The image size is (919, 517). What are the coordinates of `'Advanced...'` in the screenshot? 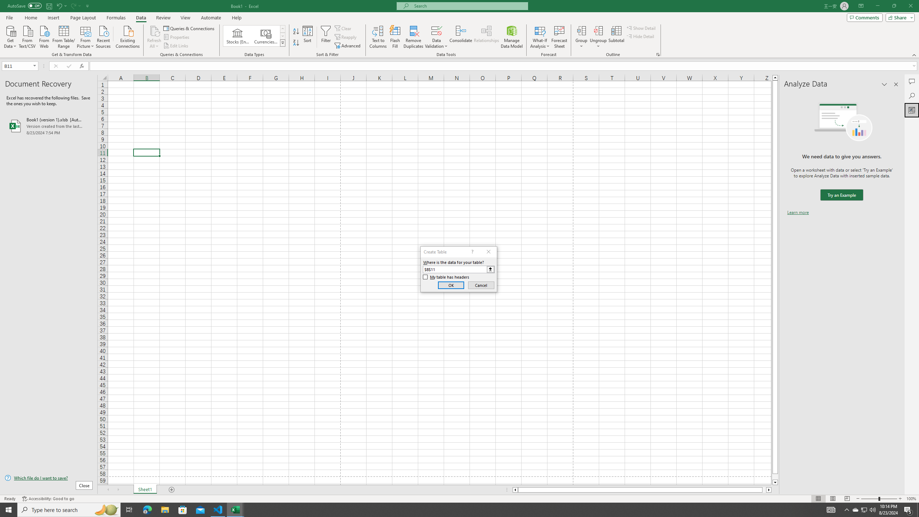 It's located at (348, 46).